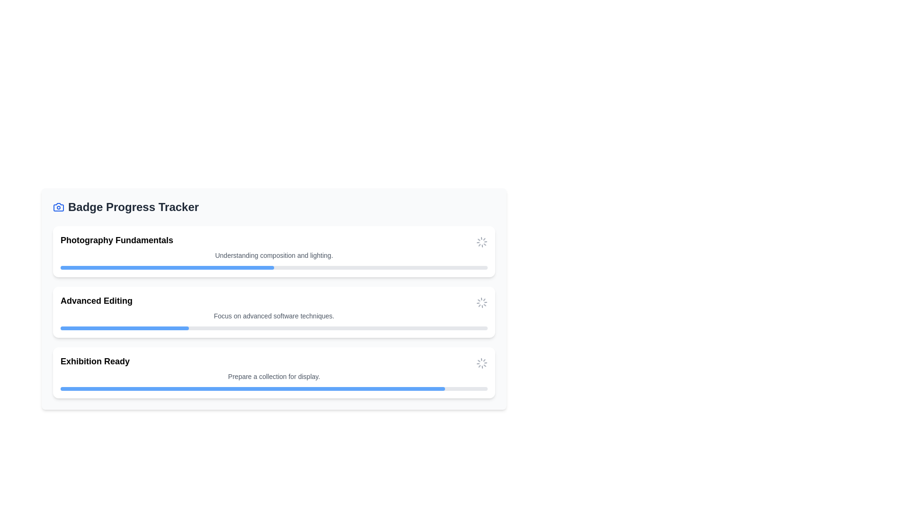 The image size is (909, 511). I want to click on the informational card representing the progress milestone for the 'Advanced Editing' module in the Badge Progress Tracker, so click(274, 312).